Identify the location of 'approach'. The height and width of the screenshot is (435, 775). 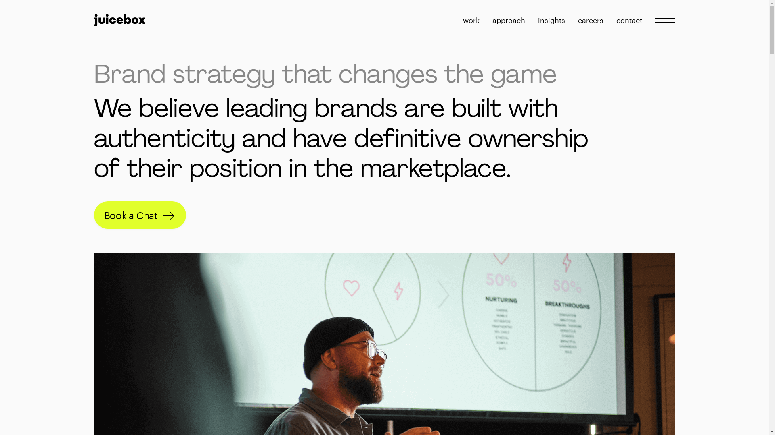
(508, 19).